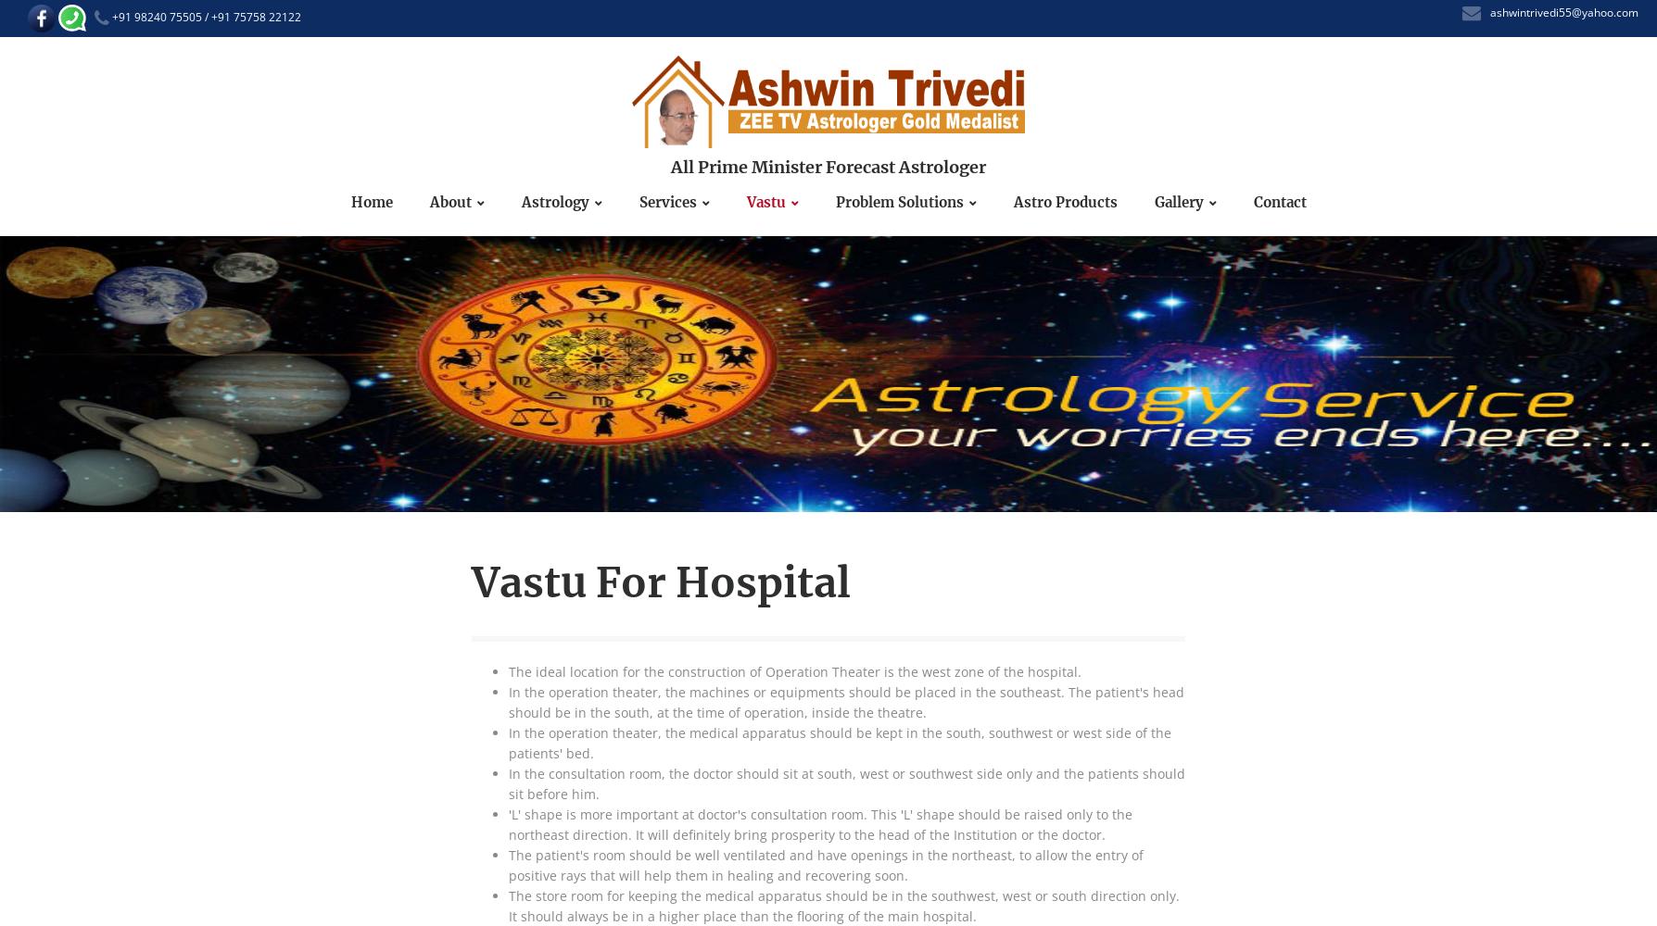 Image resolution: width=1657 pixels, height=926 pixels. What do you see at coordinates (449, 200) in the screenshot?
I see `'About'` at bounding box center [449, 200].